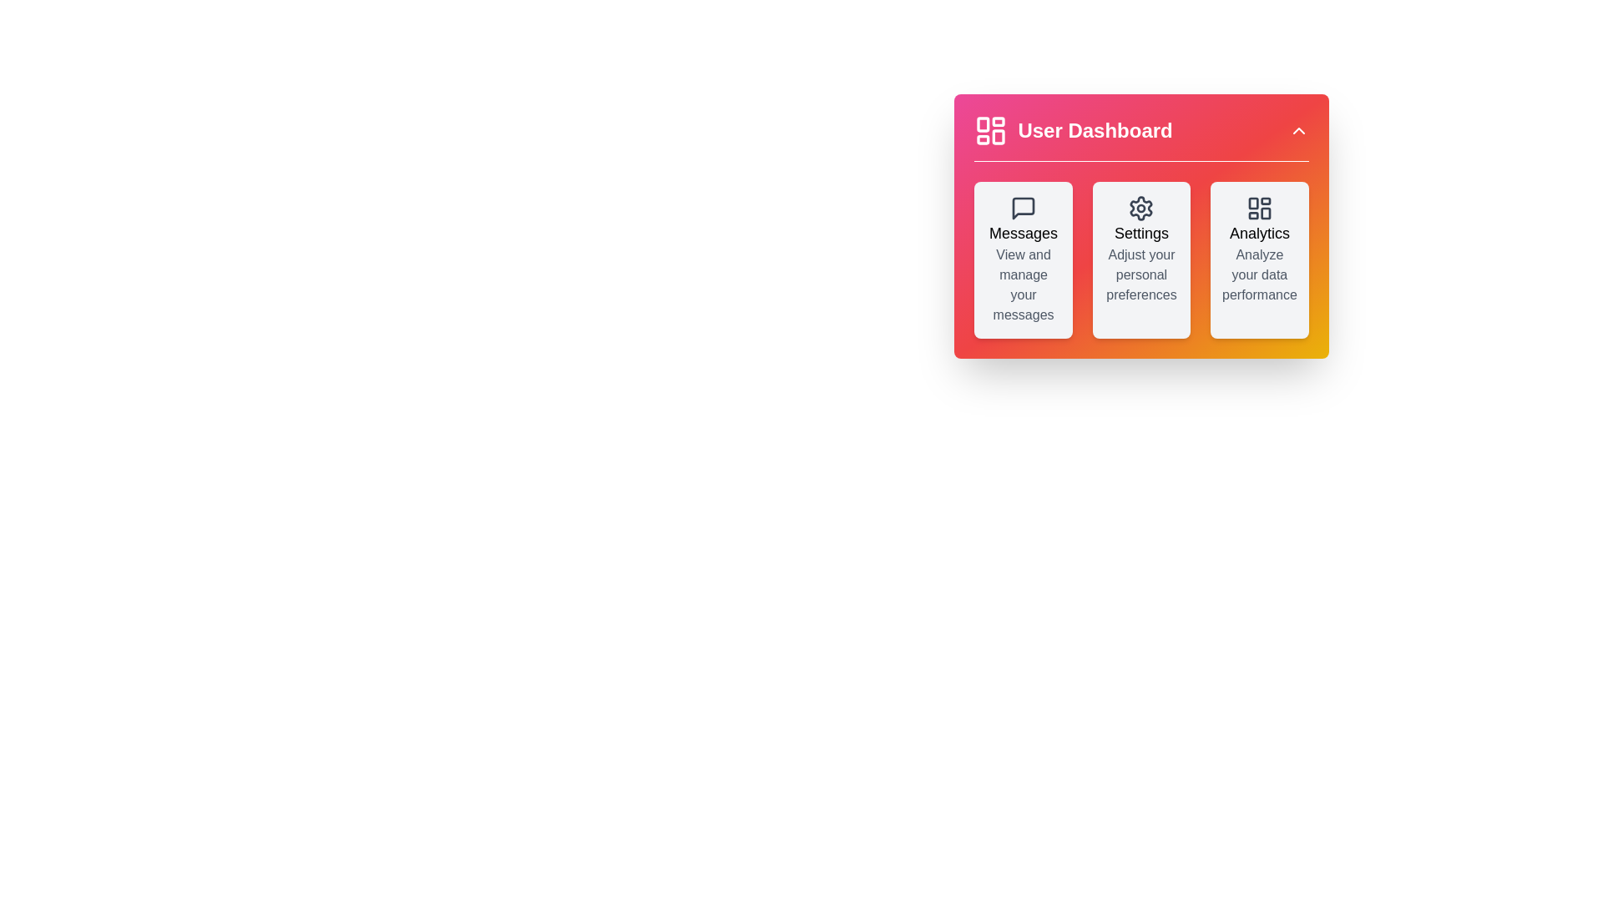 This screenshot has width=1603, height=901. Describe the element at coordinates (1140, 208) in the screenshot. I see `the gear icon located within the settings icon on the dashboard panel, positioned in the middle of the three cards` at that location.